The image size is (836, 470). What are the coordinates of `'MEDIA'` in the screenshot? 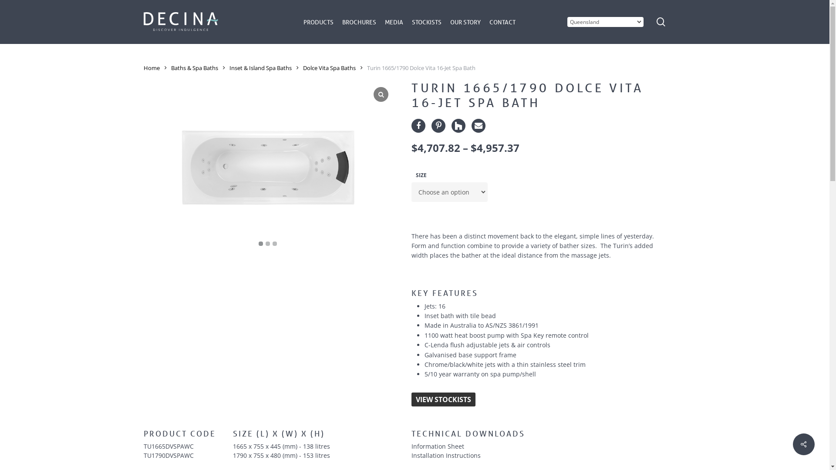 It's located at (384, 21).